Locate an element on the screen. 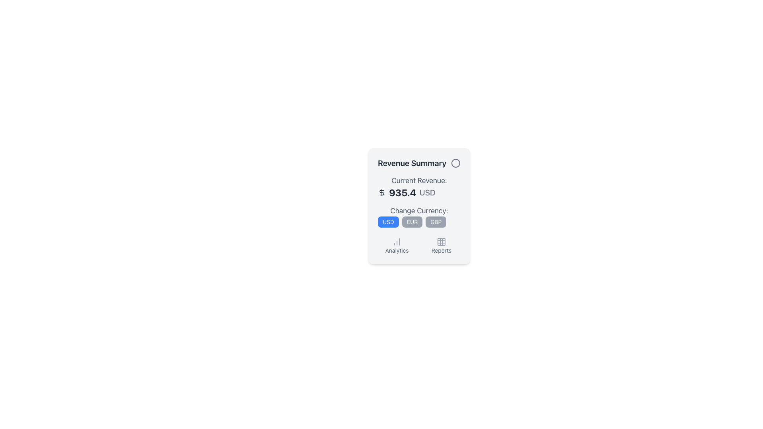  the 'GBP' currency button located below the 'Change Currency:' text is located at coordinates (436, 222).